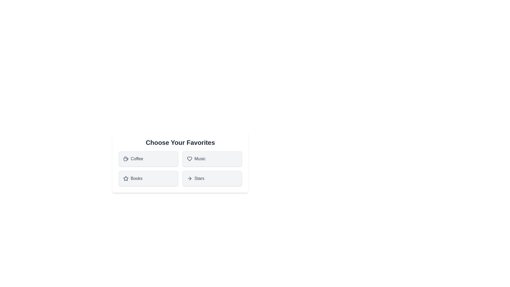 The image size is (510, 287). I want to click on the static text label for 'Music' located in the second option of the top row in a grid layout, which is associated with a heart icon indicating a favorite feature, so click(199, 158).